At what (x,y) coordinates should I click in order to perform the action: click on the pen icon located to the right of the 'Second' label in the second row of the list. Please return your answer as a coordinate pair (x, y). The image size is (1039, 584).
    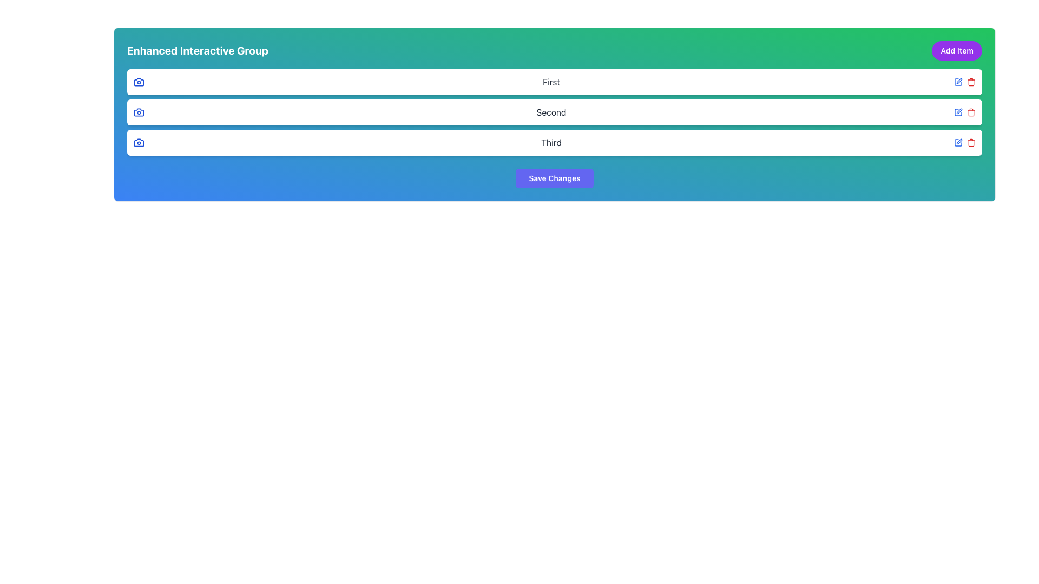
    Looking at the image, I should click on (959, 111).